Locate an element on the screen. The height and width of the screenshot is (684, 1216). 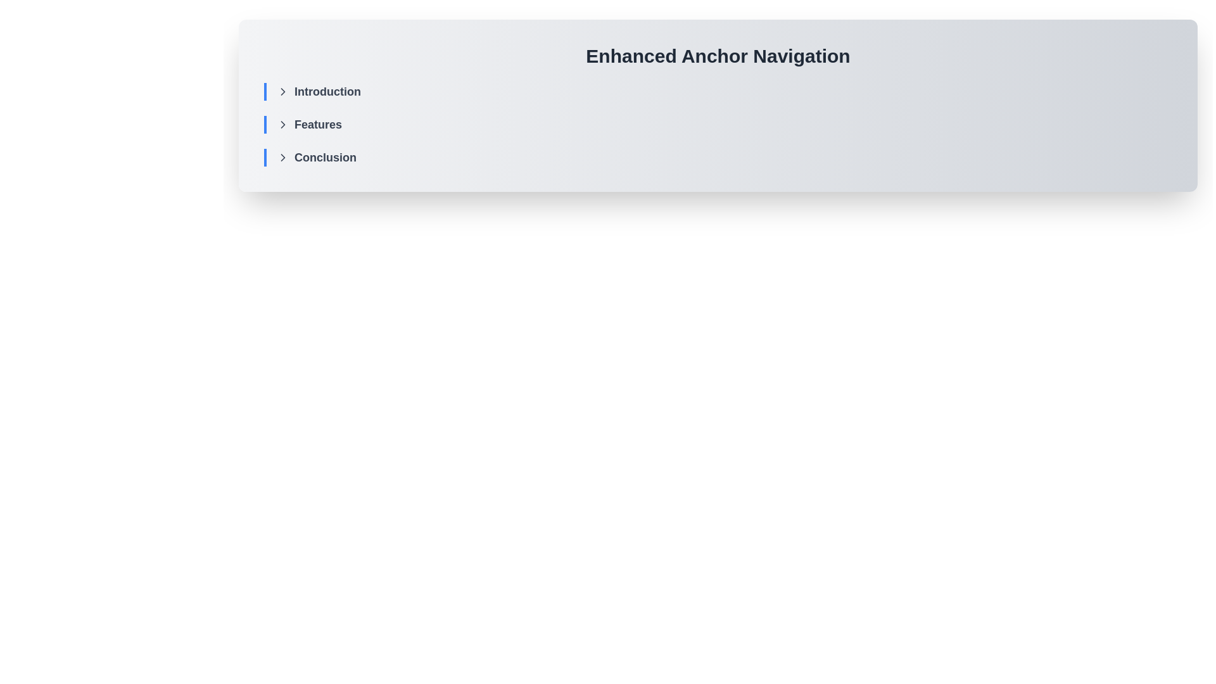
the right-pointing chevron arrow icon that indicates navigation and is positioned to the left of the 'Conclusion' item in the list is located at coordinates (282, 157).